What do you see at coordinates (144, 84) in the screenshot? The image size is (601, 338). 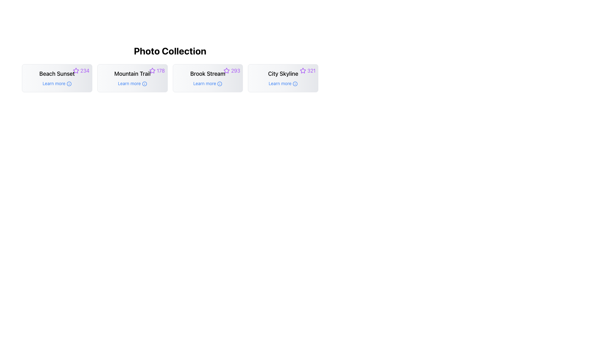 I see `the circular part of the information icon located below the title 'Mountain Trail' in the second column of the photo collection grid` at bounding box center [144, 84].